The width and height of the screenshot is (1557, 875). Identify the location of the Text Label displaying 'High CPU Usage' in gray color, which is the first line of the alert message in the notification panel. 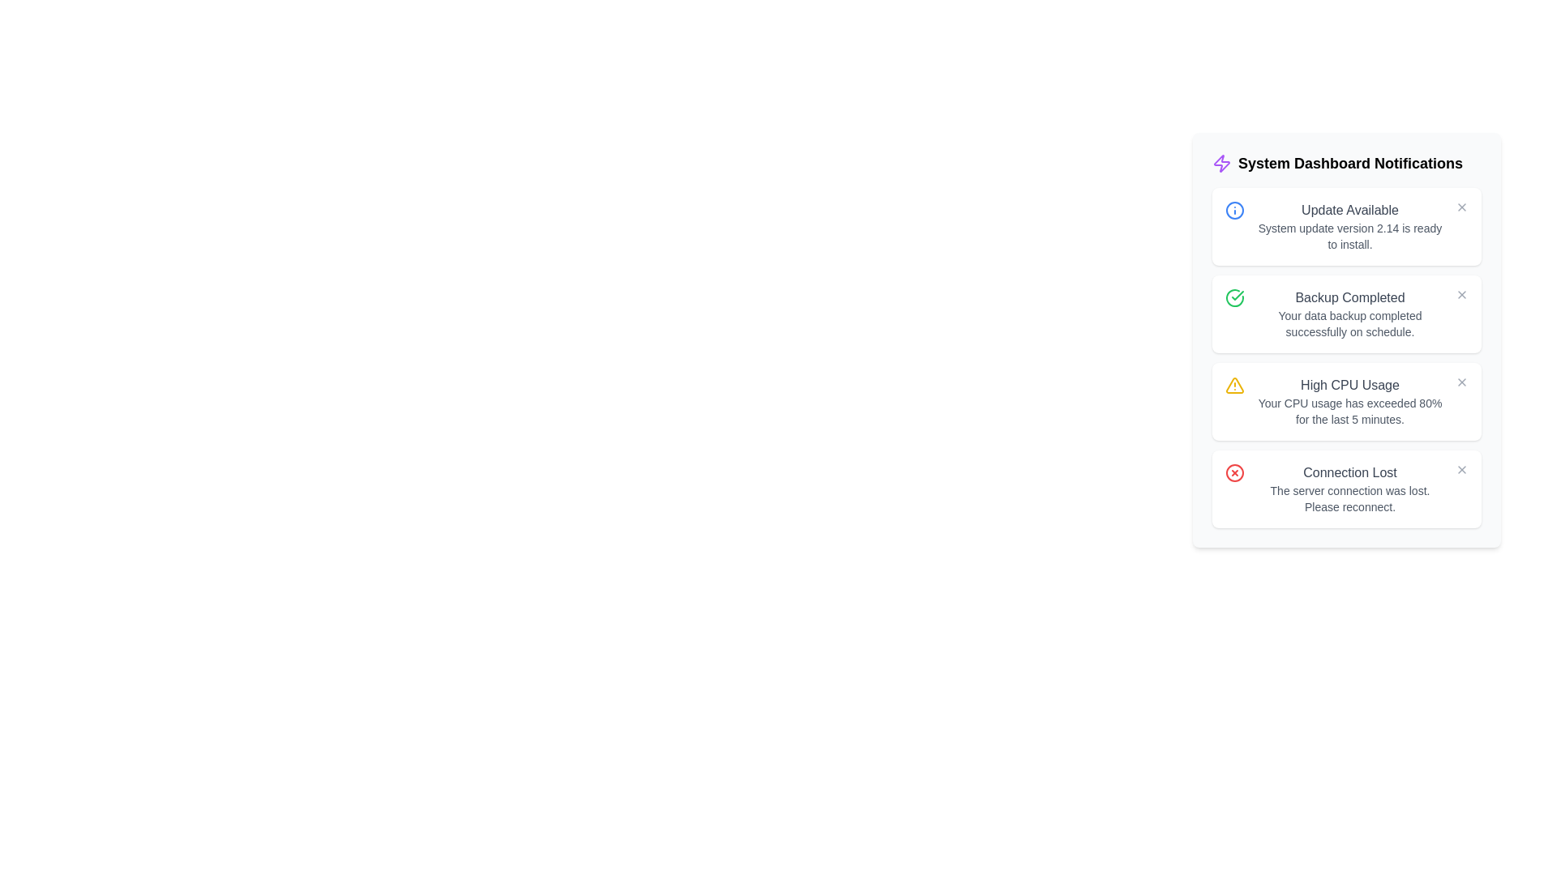
(1350, 385).